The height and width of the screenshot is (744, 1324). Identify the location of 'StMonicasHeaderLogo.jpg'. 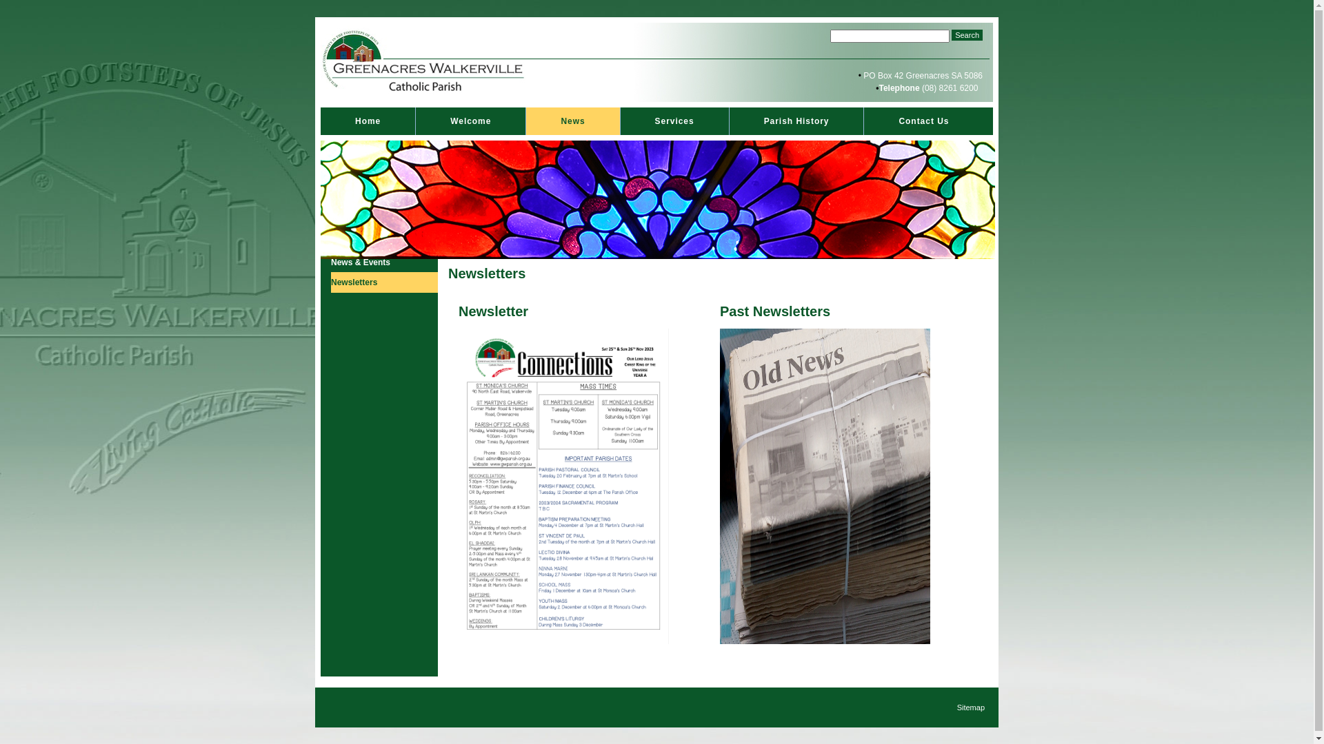
(423, 62).